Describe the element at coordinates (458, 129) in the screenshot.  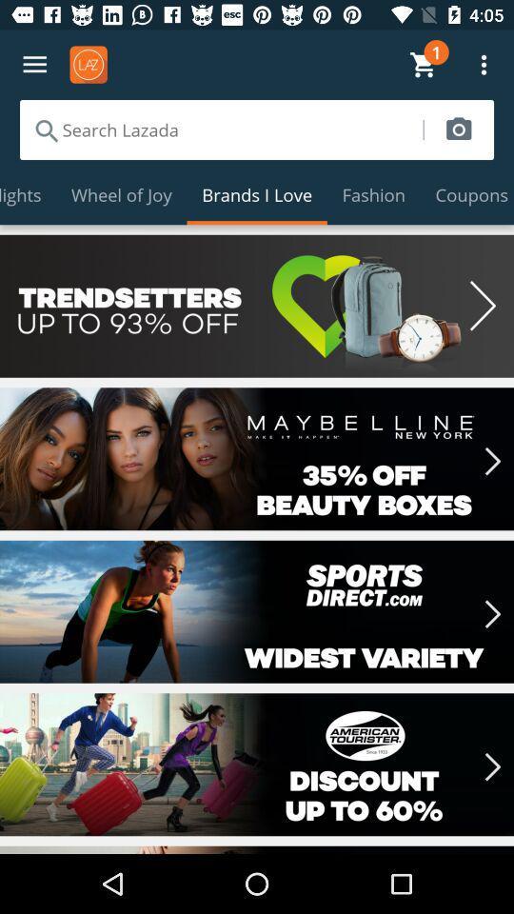
I see `find product with photo` at that location.